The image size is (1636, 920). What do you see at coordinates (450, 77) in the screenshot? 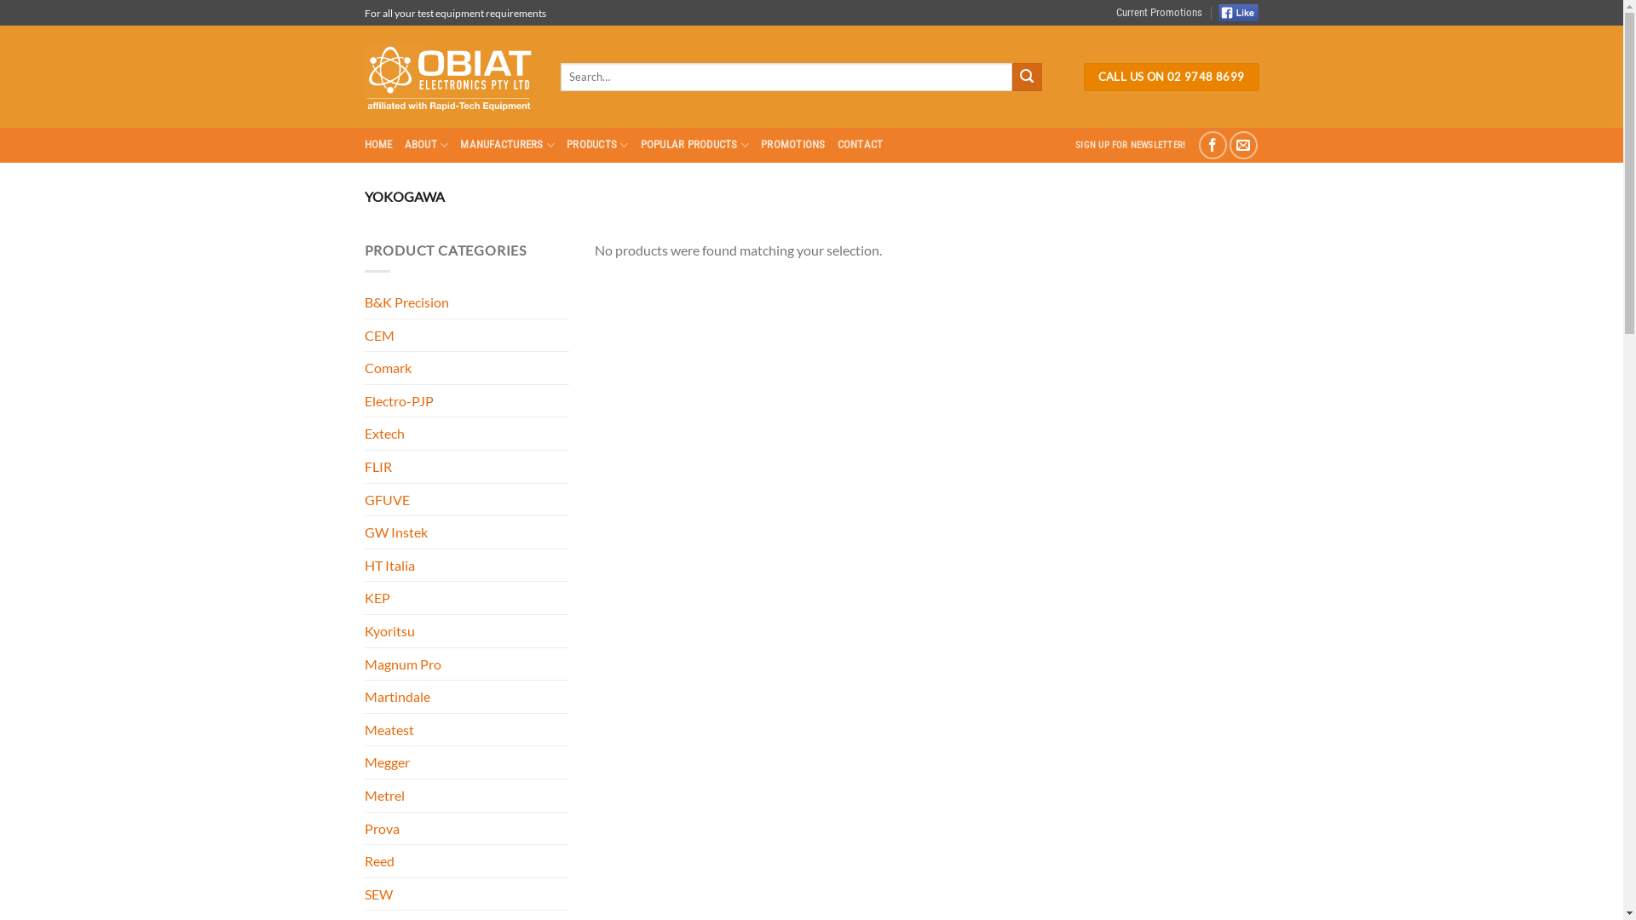
I see `'Obiat Electronics - keeping your industry up and running'` at bounding box center [450, 77].